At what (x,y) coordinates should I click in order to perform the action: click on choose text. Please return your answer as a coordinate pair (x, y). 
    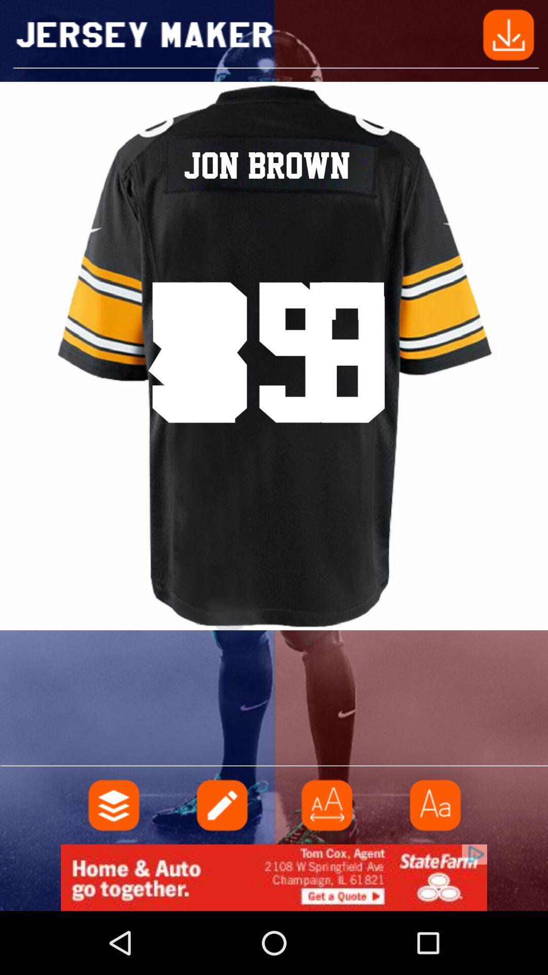
    Looking at the image, I should click on (434, 804).